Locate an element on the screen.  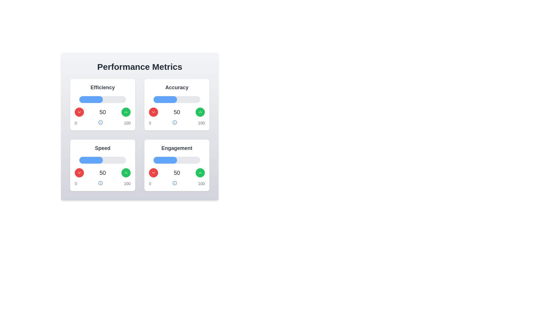
the progress bar or slider is located at coordinates (124, 160).